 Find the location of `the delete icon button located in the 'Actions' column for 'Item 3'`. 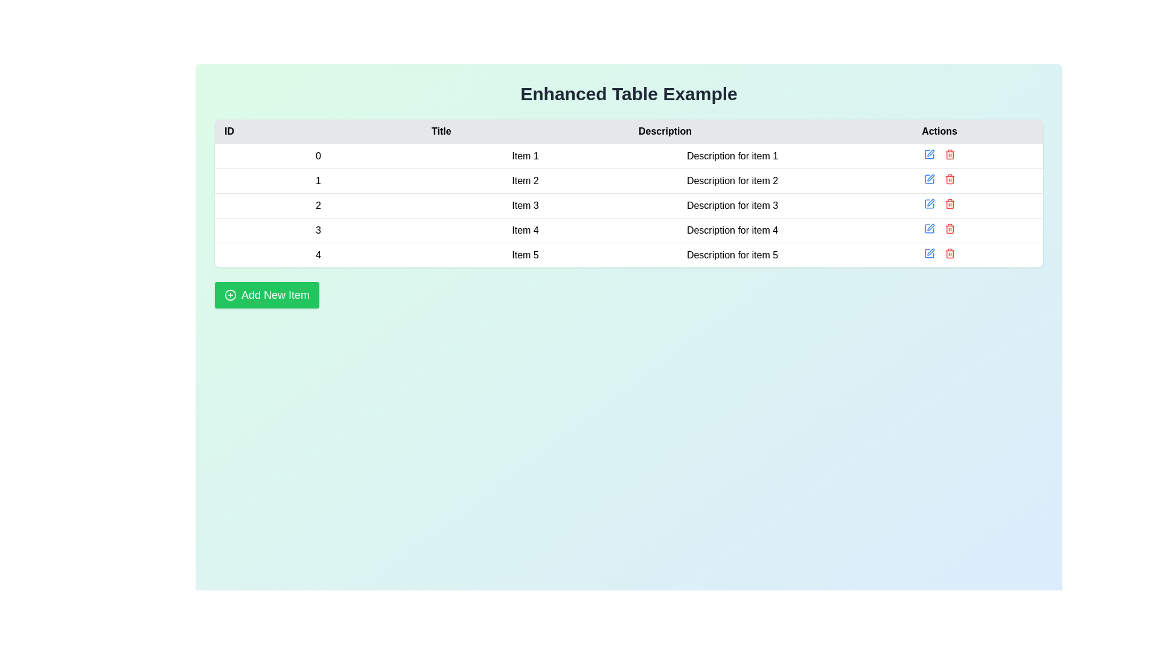

the delete icon button located in the 'Actions' column for 'Item 3' is located at coordinates (949, 203).